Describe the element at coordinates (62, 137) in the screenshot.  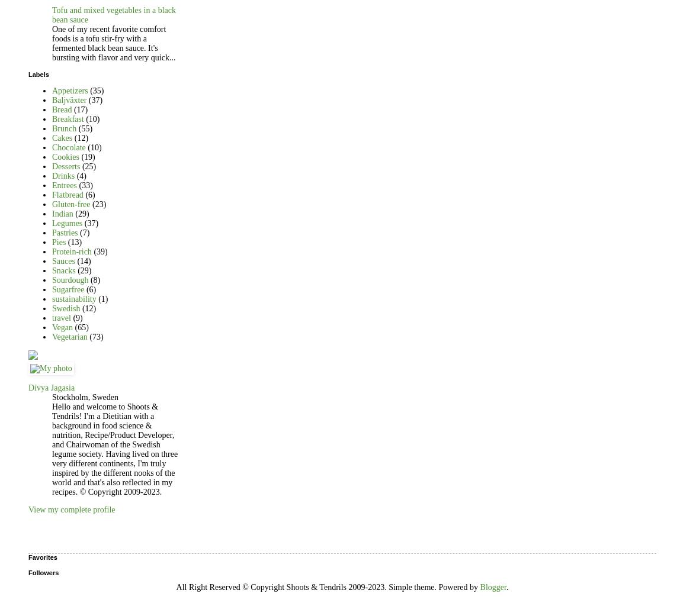
I see `'Cakes'` at that location.